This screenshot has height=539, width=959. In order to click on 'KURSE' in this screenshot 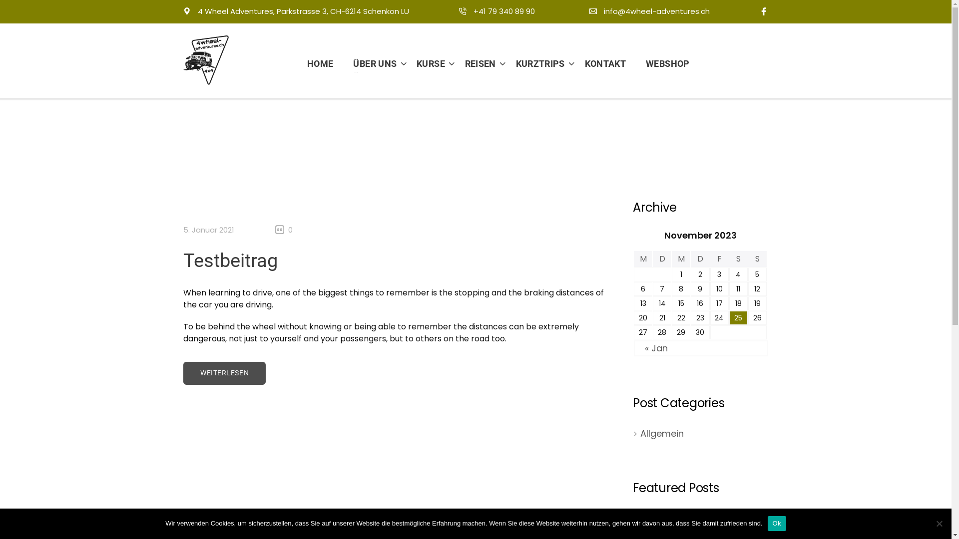, I will do `click(427, 63)`.